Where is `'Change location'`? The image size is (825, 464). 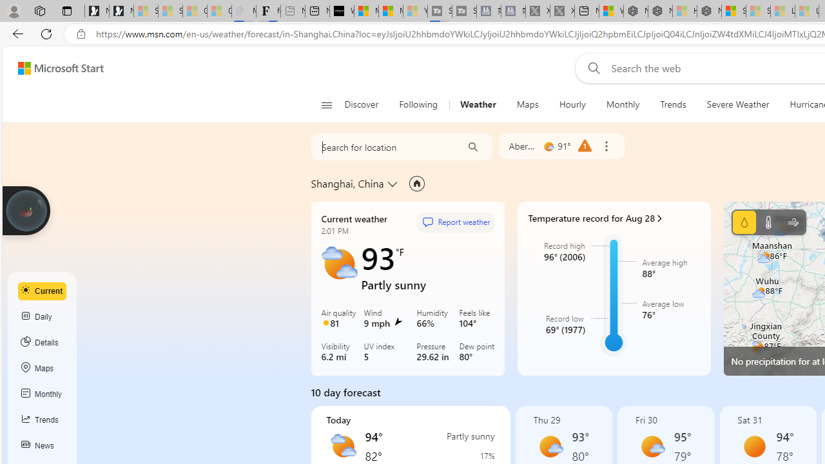 'Change location' is located at coordinates (393, 184).